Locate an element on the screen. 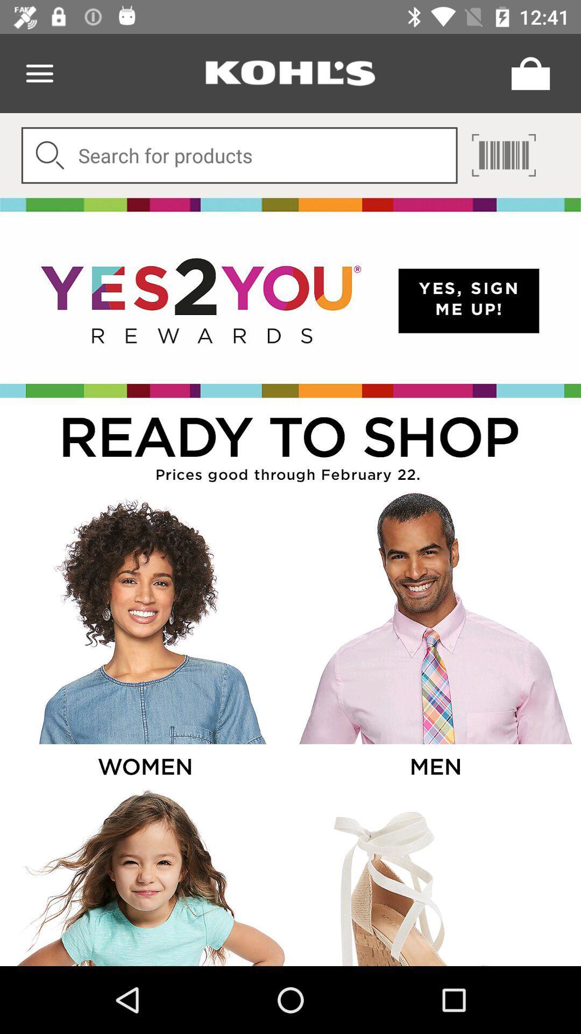 This screenshot has width=581, height=1034. the option image is located at coordinates (144, 639).